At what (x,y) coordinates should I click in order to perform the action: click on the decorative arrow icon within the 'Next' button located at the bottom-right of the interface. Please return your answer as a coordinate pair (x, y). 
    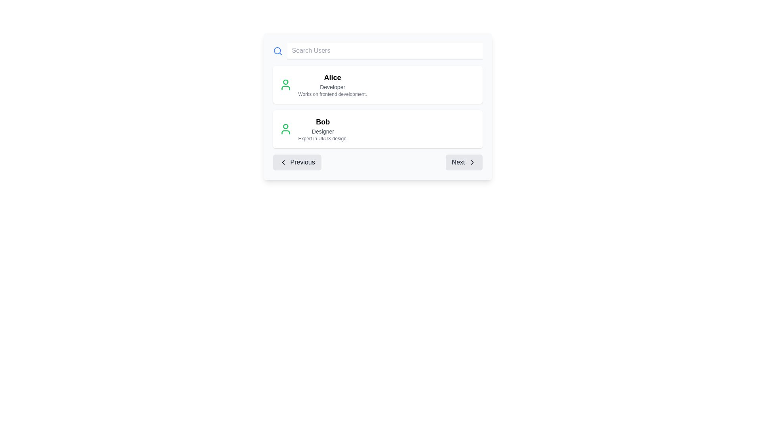
    Looking at the image, I should click on (472, 162).